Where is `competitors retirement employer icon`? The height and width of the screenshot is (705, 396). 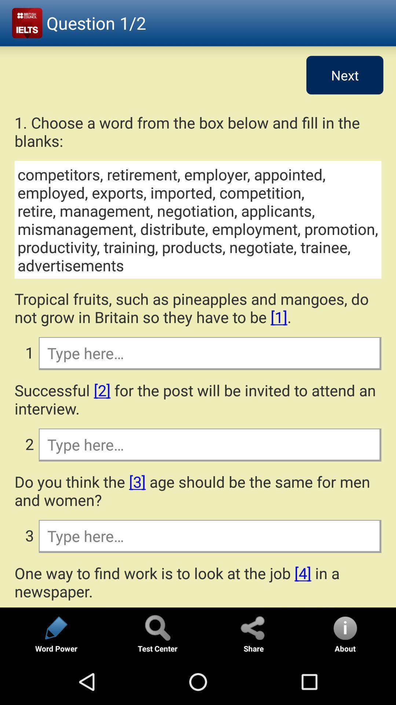 competitors retirement employer icon is located at coordinates (198, 219).